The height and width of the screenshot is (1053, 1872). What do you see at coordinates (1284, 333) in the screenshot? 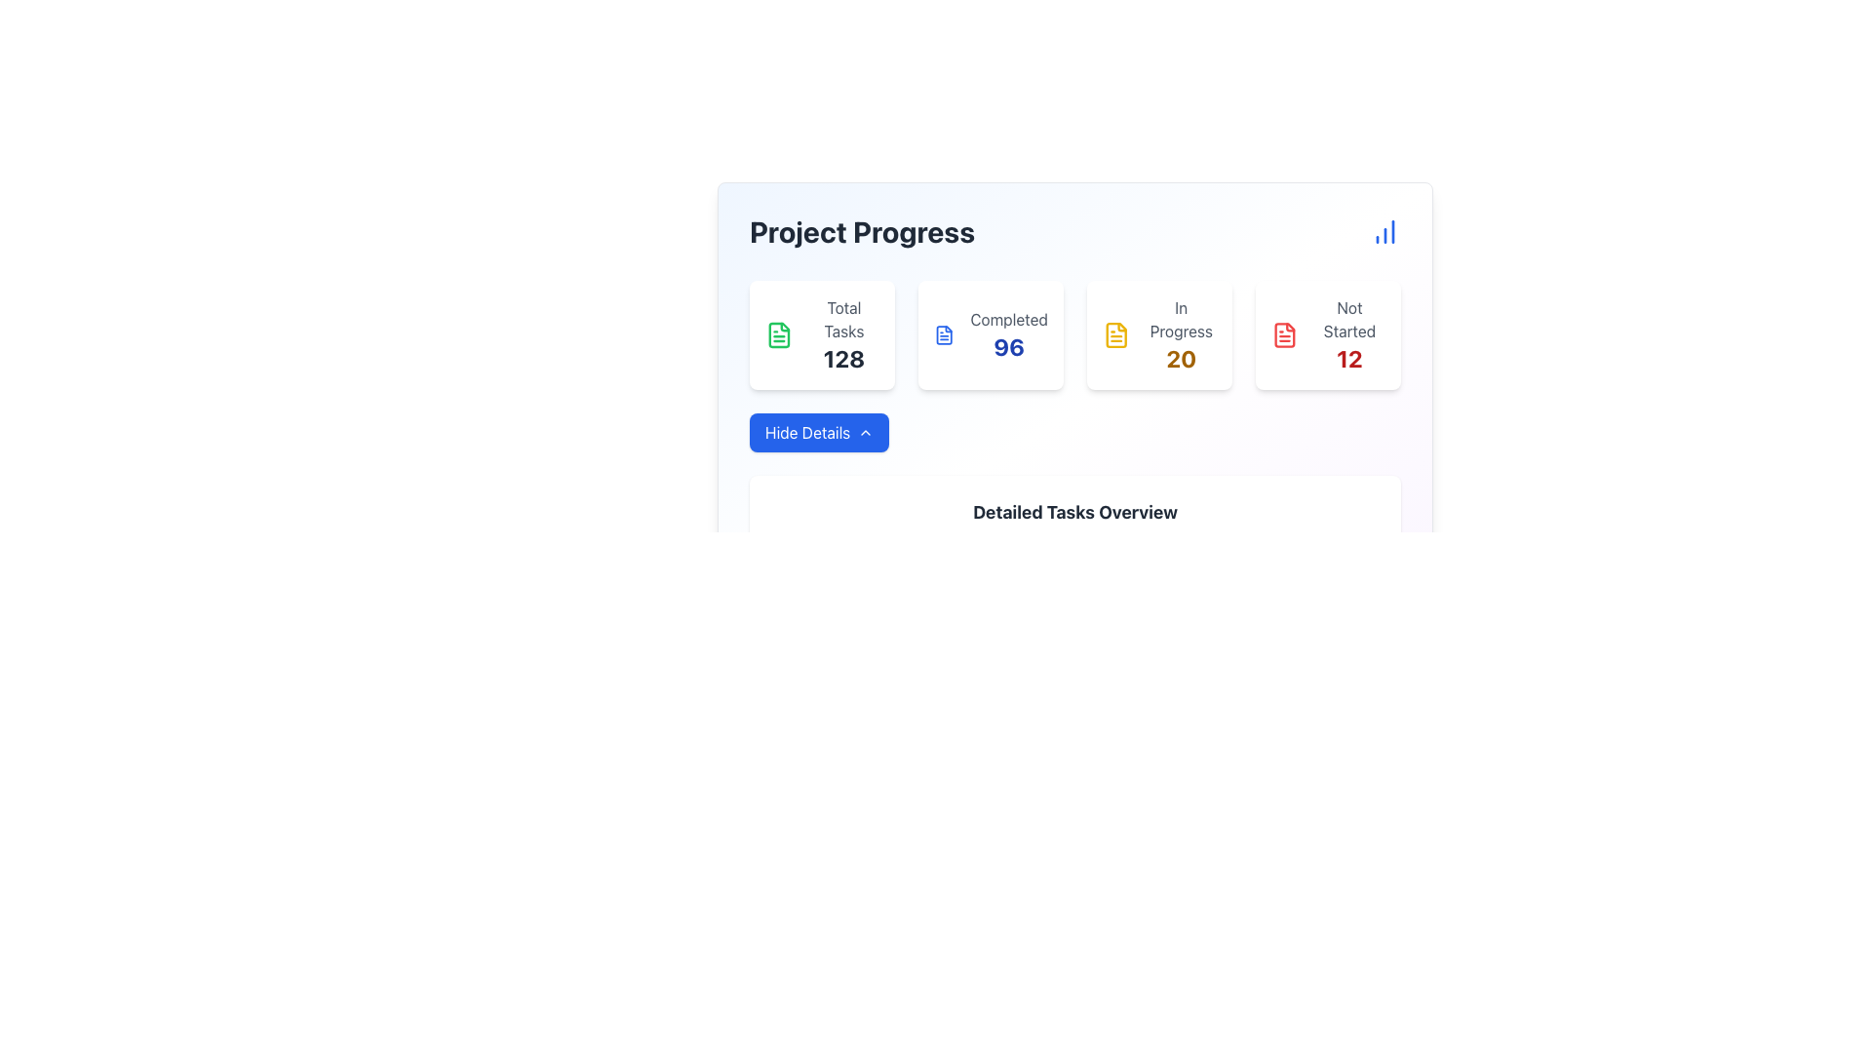
I see `the red-colored file icon with textual marks inside it, located in the rightmost 'Not Started' status card that contains the number 12` at bounding box center [1284, 333].